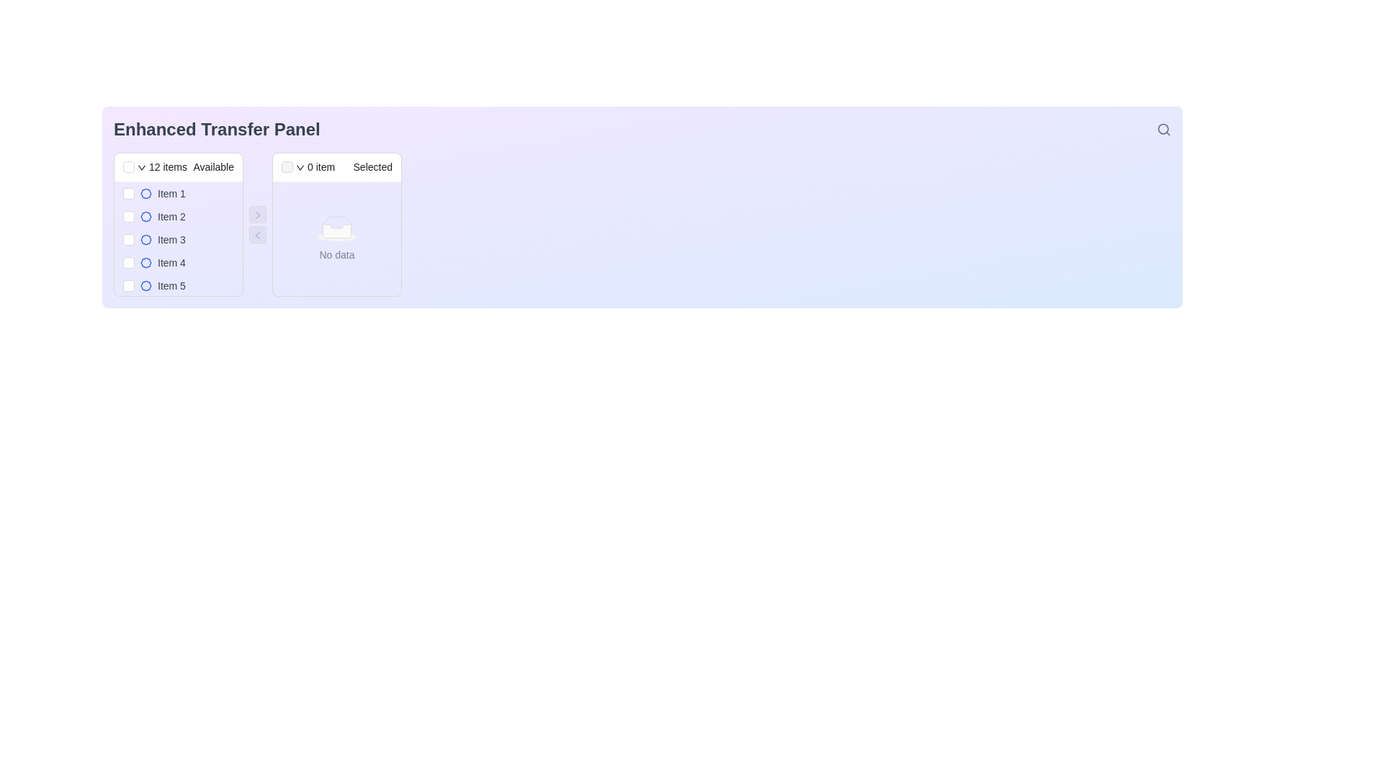 This screenshot has height=778, width=1383. What do you see at coordinates (146, 263) in the screenshot?
I see `the Decorative SVG graphic that highlights 'Item 4' in the list of available items located in the left pane of the transfer panel` at bounding box center [146, 263].